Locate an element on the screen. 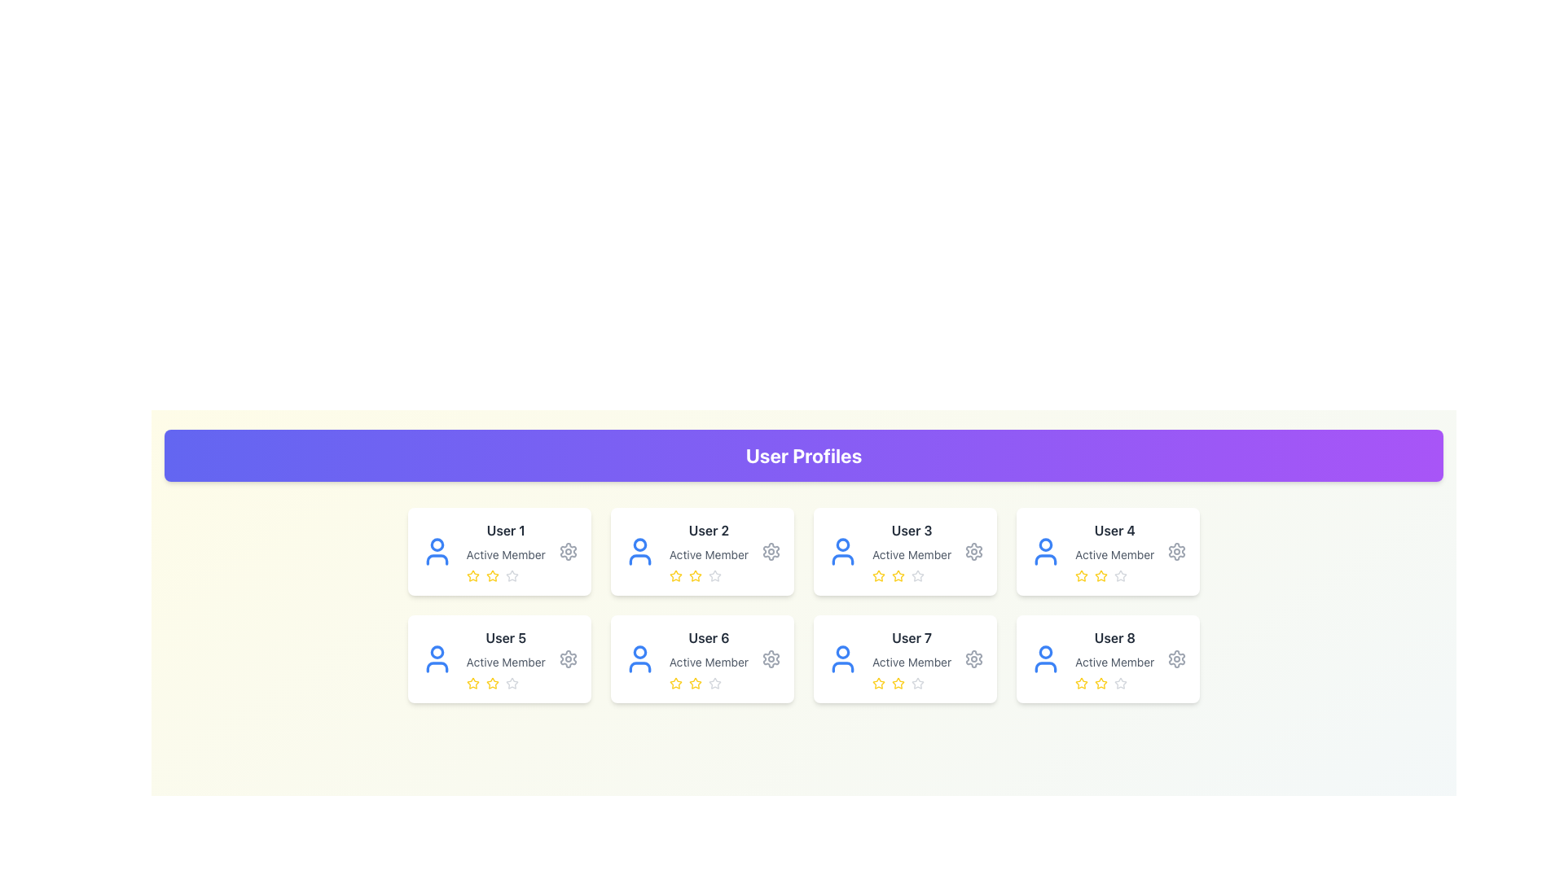 Image resolution: width=1564 pixels, height=879 pixels. the star rating system on the profile card located at the top-left corner of the grid layout to rate the user is located at coordinates (499, 551).